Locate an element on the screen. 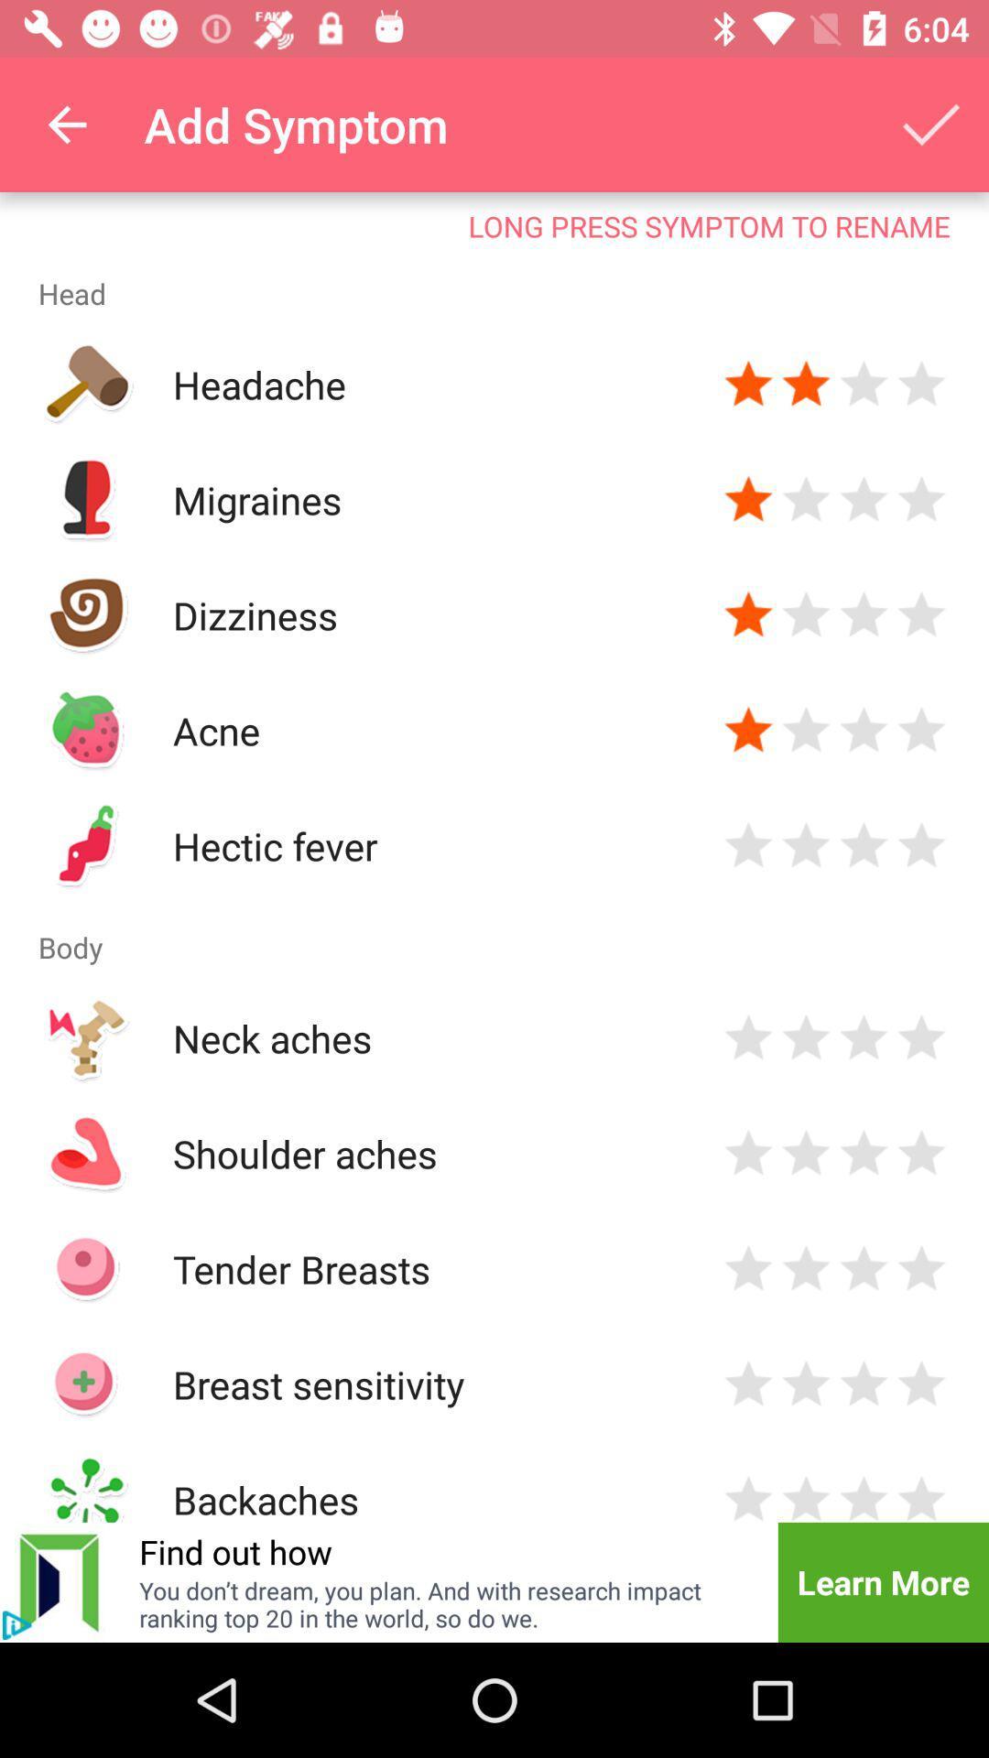 Image resolution: width=989 pixels, height=1758 pixels. 1 star rating is located at coordinates (748, 1152).